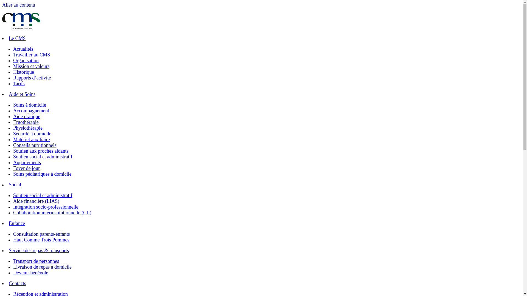 The height and width of the screenshot is (296, 527). What do you see at coordinates (13, 83) in the screenshot?
I see `'Tarifs'` at bounding box center [13, 83].